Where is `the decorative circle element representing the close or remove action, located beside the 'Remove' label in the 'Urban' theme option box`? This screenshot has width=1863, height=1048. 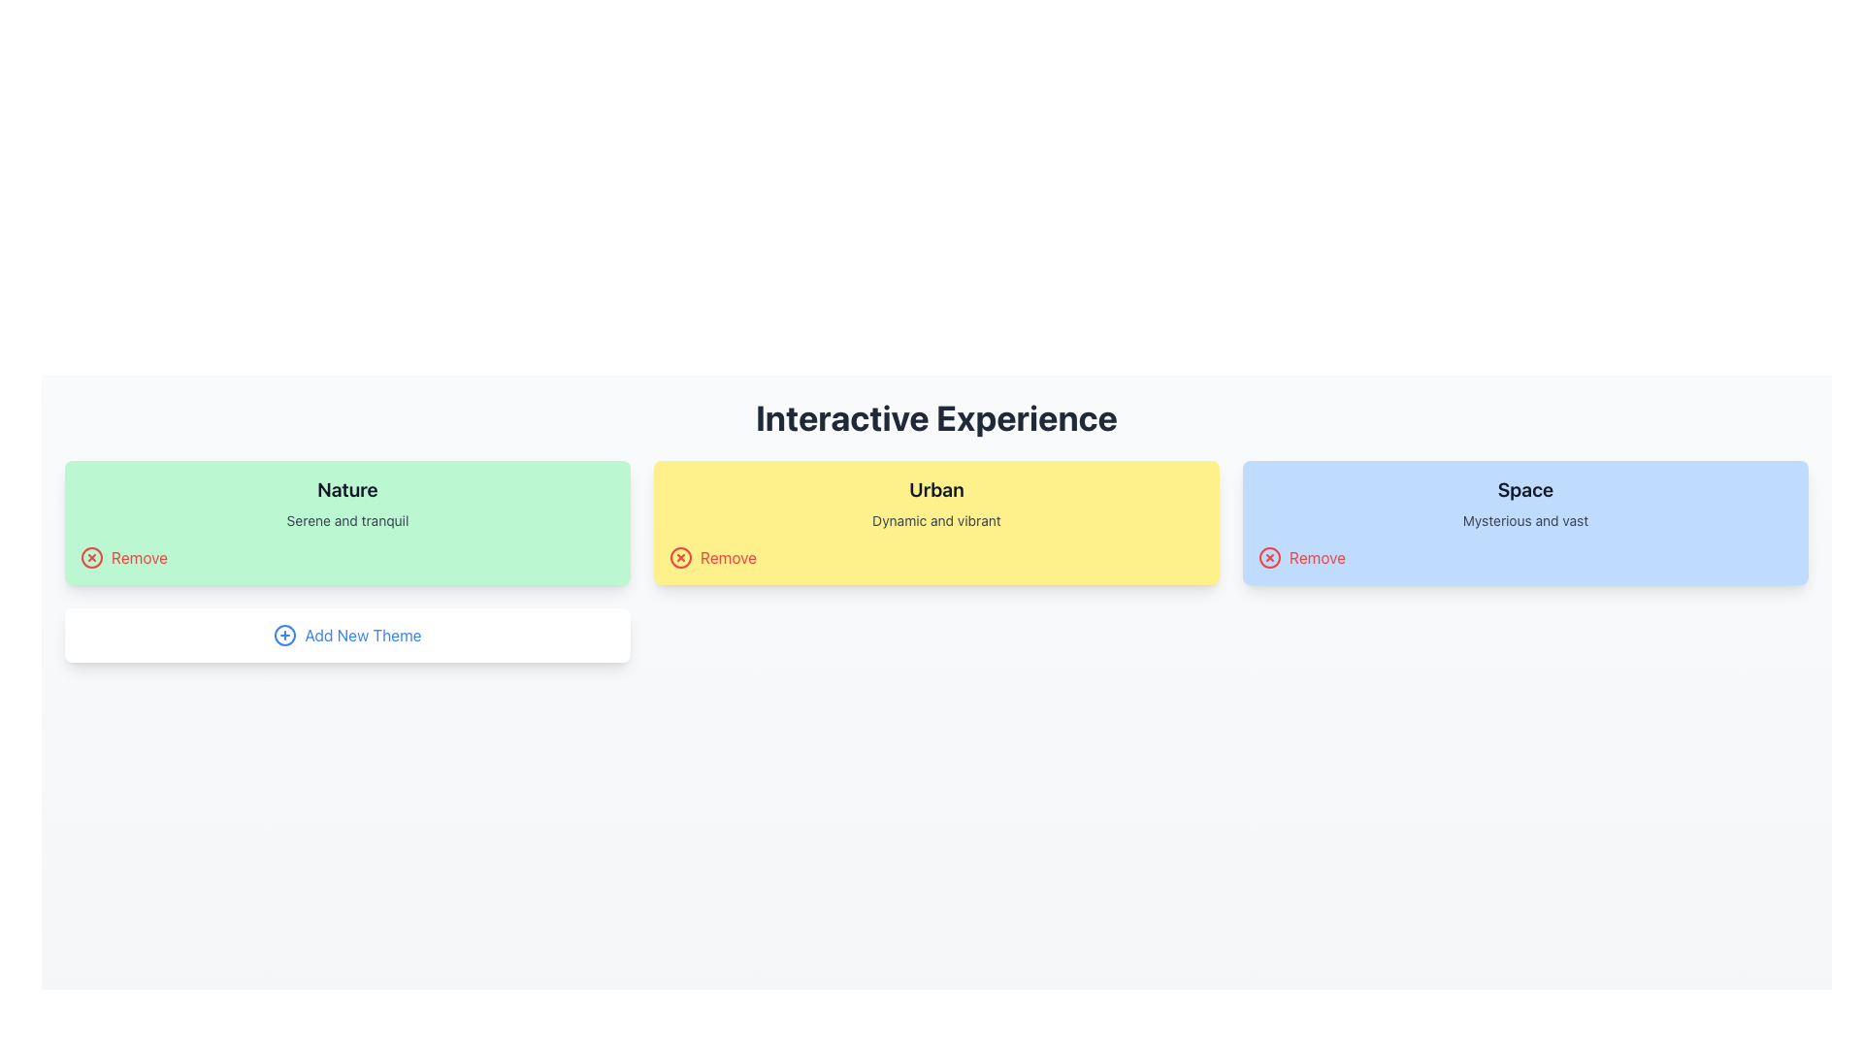
the decorative circle element representing the close or remove action, located beside the 'Remove' label in the 'Urban' theme option box is located at coordinates (680, 557).